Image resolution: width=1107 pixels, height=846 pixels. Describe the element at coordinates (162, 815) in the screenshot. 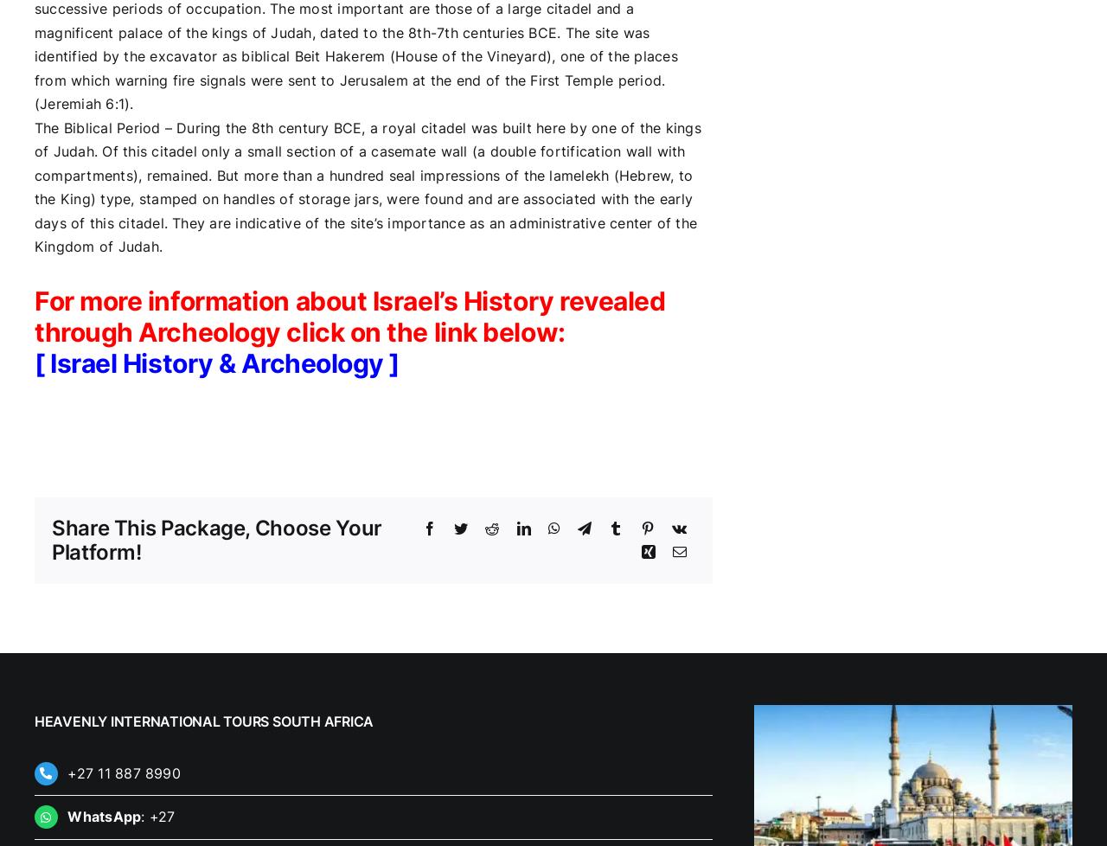

I see `'+27'` at that location.